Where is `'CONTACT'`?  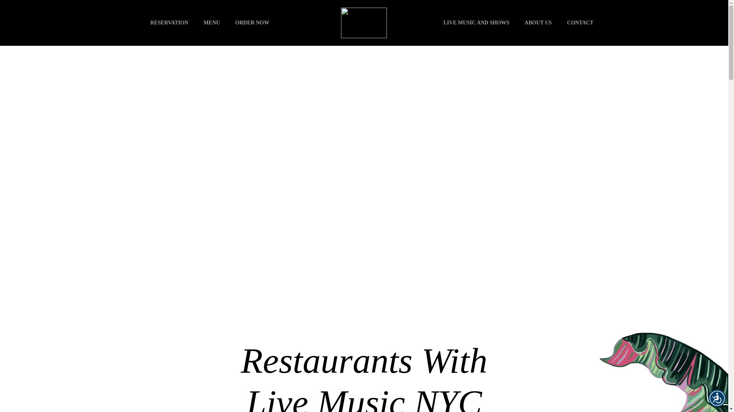
'CONTACT' is located at coordinates (559, 23).